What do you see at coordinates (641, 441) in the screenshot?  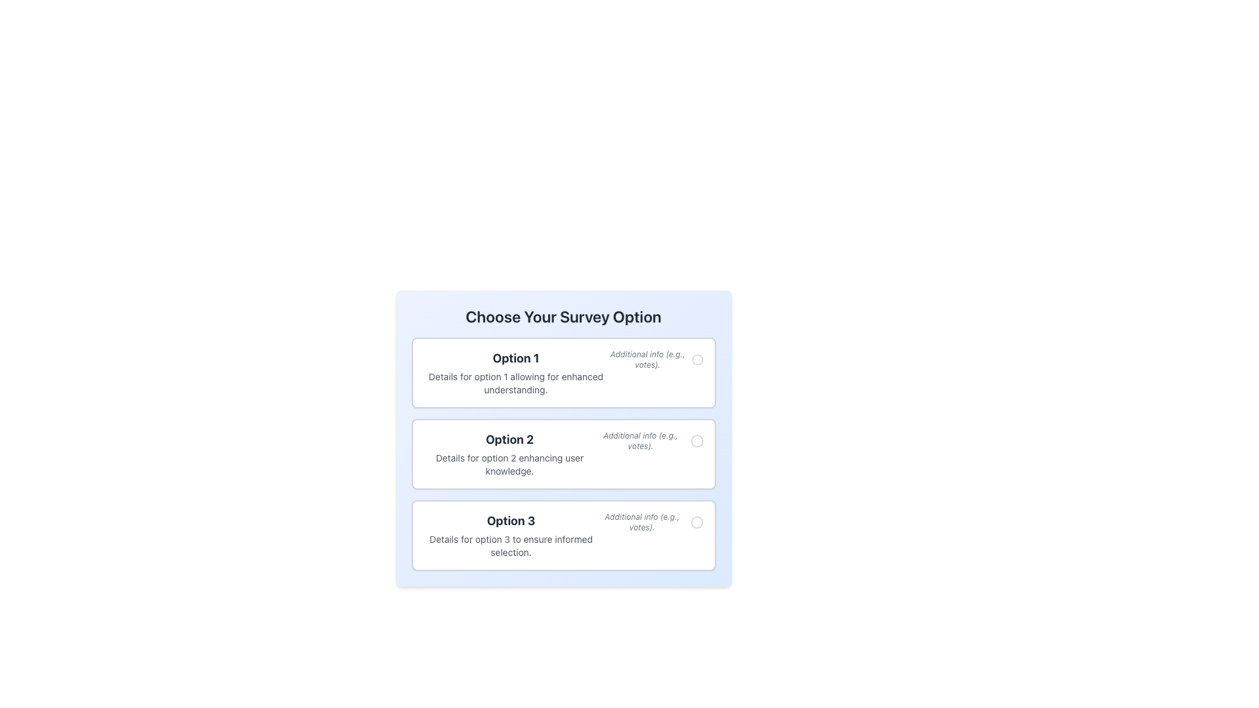 I see `the static text label providing supplementary information for Option 2, located above the circular radio input in the survey form` at bounding box center [641, 441].